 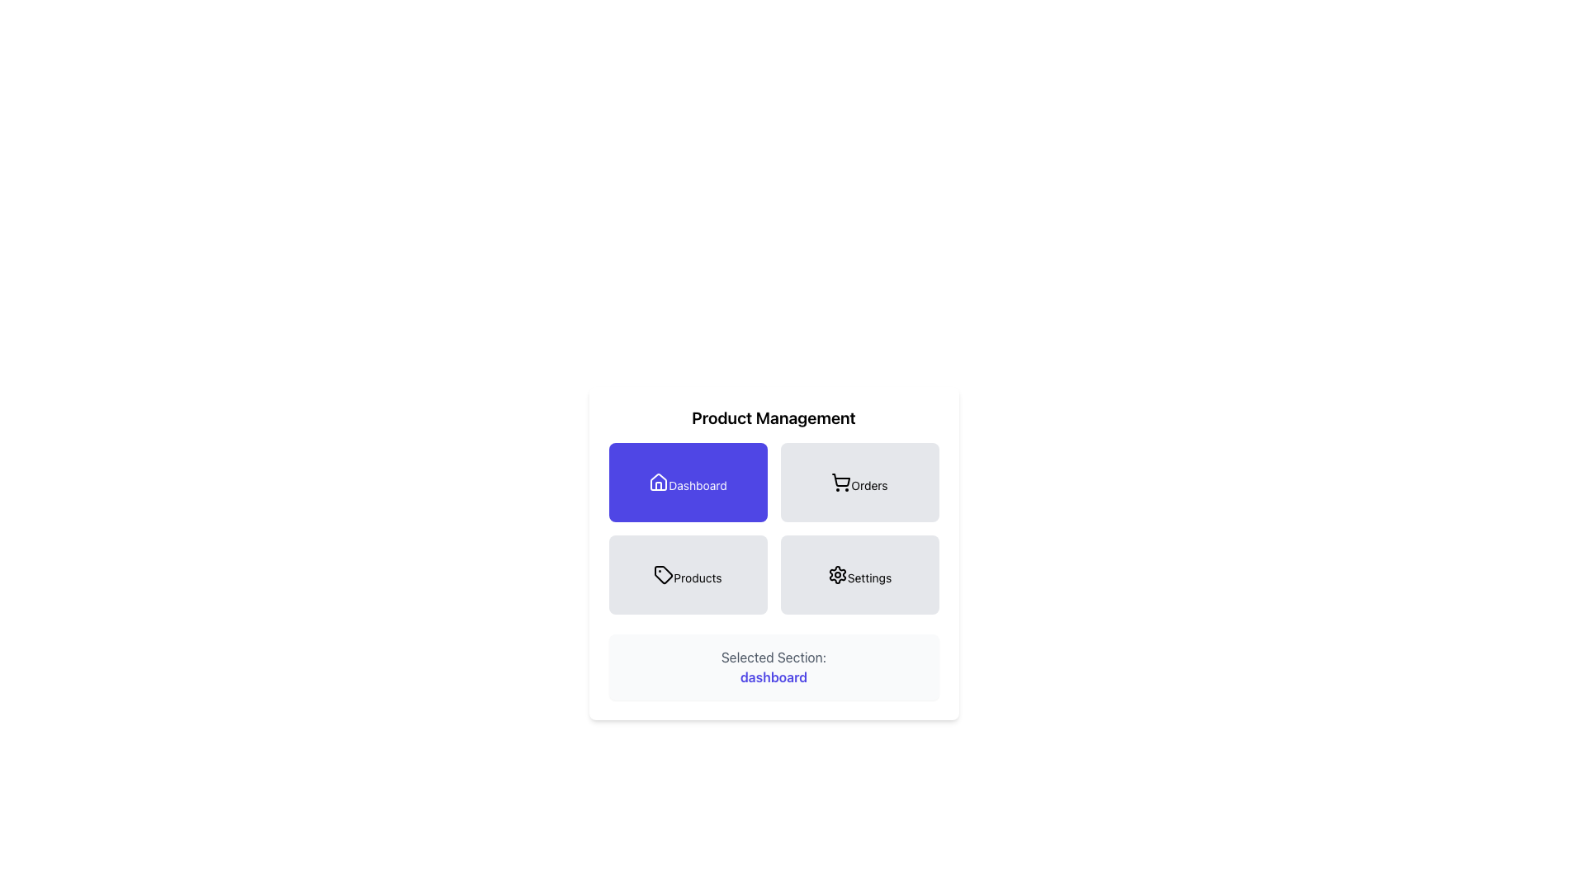 I want to click on the 'Products' button, which is a rectangular button with rounded corners and a light gray background, located under the 'Product Management' heading, so click(x=688, y=574).